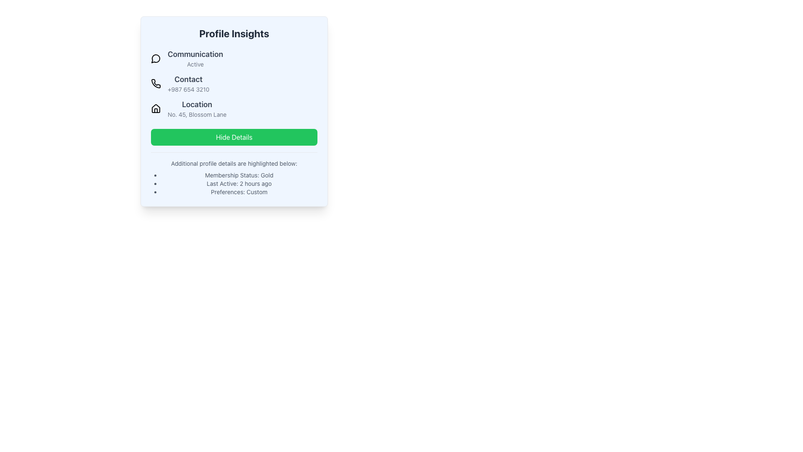 The image size is (803, 452). What do you see at coordinates (238, 192) in the screenshot?
I see `information displayed in the text label 'Preferences: Custom', which is the third item in the vertical list of profile details` at bounding box center [238, 192].